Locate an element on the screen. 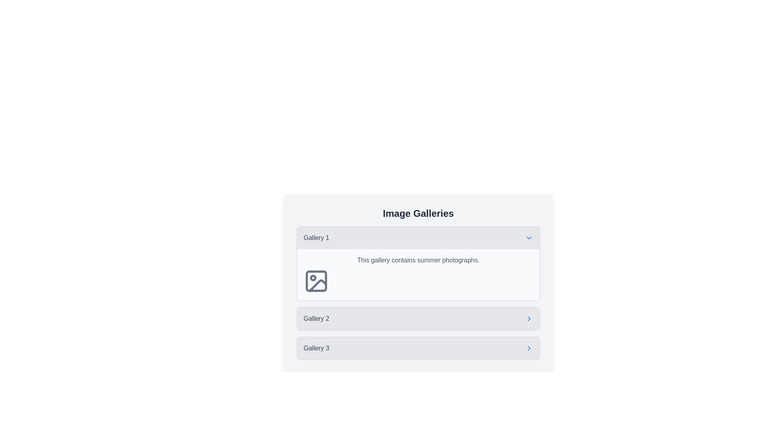  the chevron icon located to the right of 'Gallery 2' is located at coordinates (529, 318).